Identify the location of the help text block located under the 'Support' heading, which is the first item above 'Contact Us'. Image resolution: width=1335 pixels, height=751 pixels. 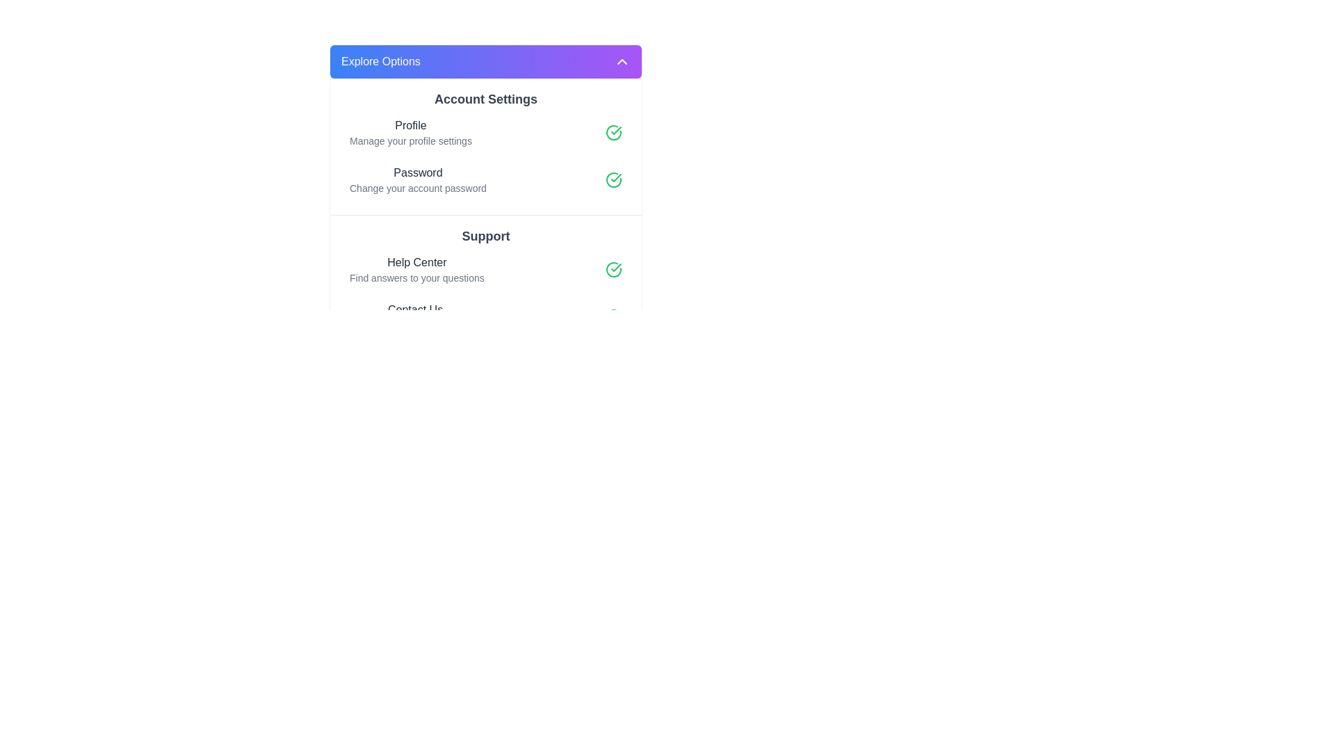
(416, 270).